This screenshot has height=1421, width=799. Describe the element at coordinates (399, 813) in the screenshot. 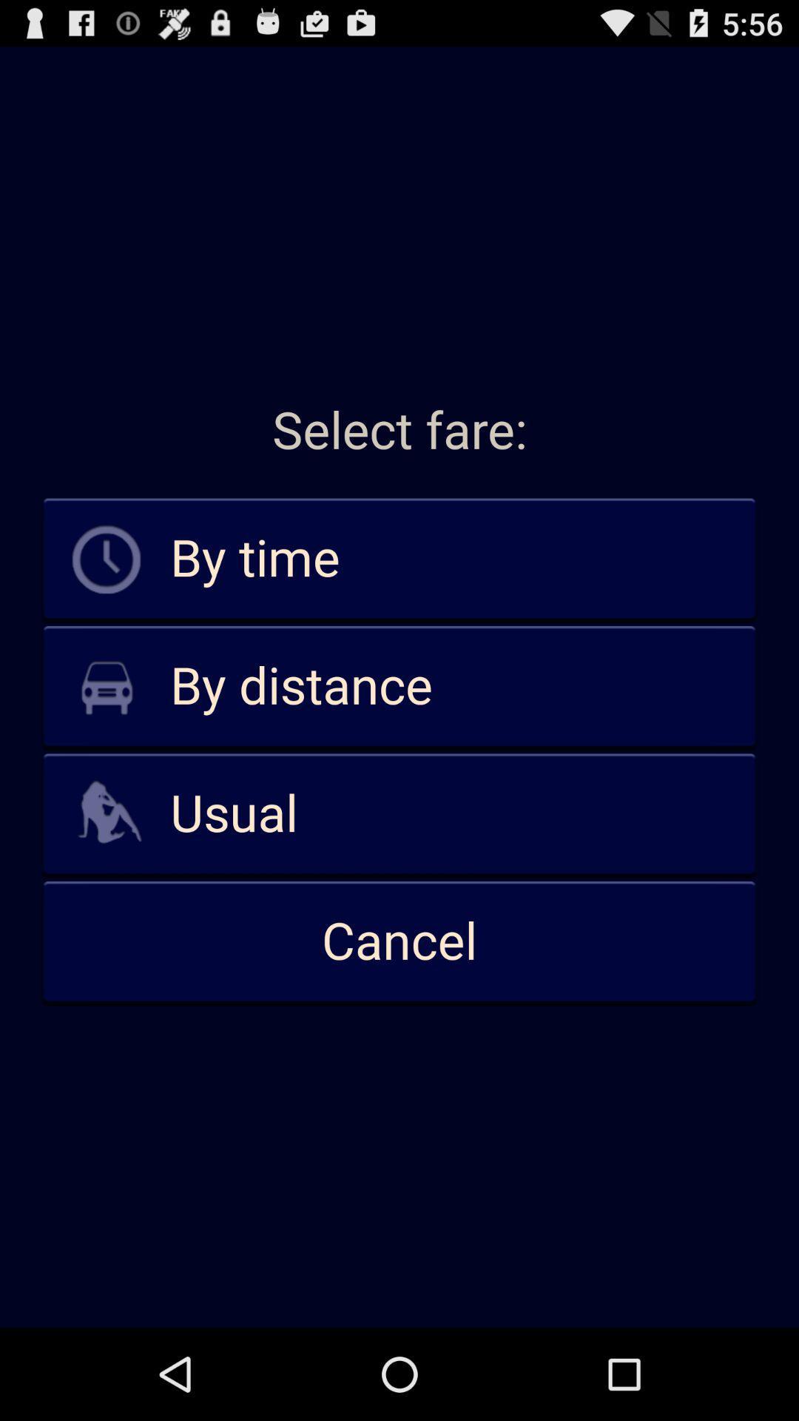

I see `the usual` at that location.